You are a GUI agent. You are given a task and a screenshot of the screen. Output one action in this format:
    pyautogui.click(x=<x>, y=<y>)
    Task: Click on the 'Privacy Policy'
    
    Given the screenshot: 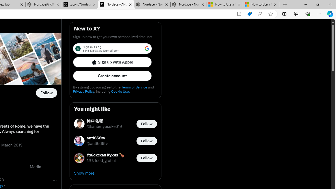 What is the action you would take?
    pyautogui.click(x=83, y=91)
    